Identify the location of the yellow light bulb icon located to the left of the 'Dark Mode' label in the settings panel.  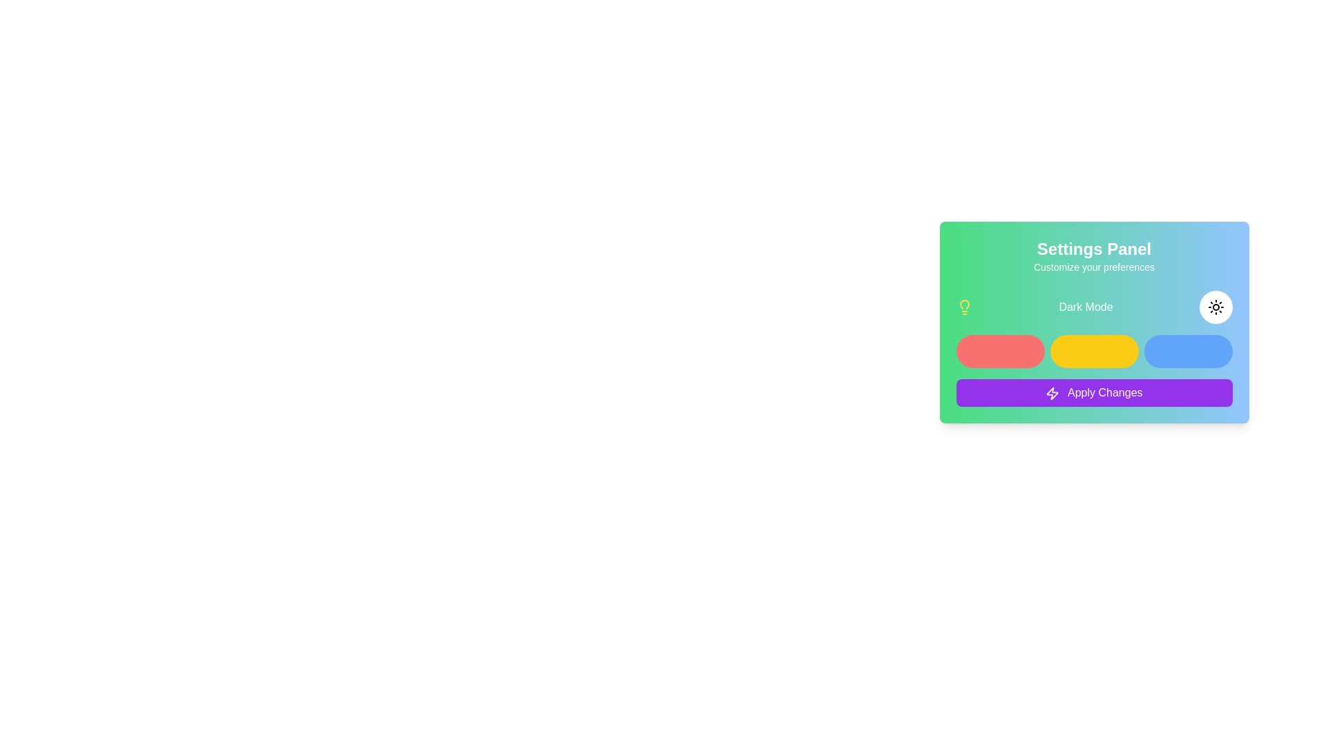
(963, 306).